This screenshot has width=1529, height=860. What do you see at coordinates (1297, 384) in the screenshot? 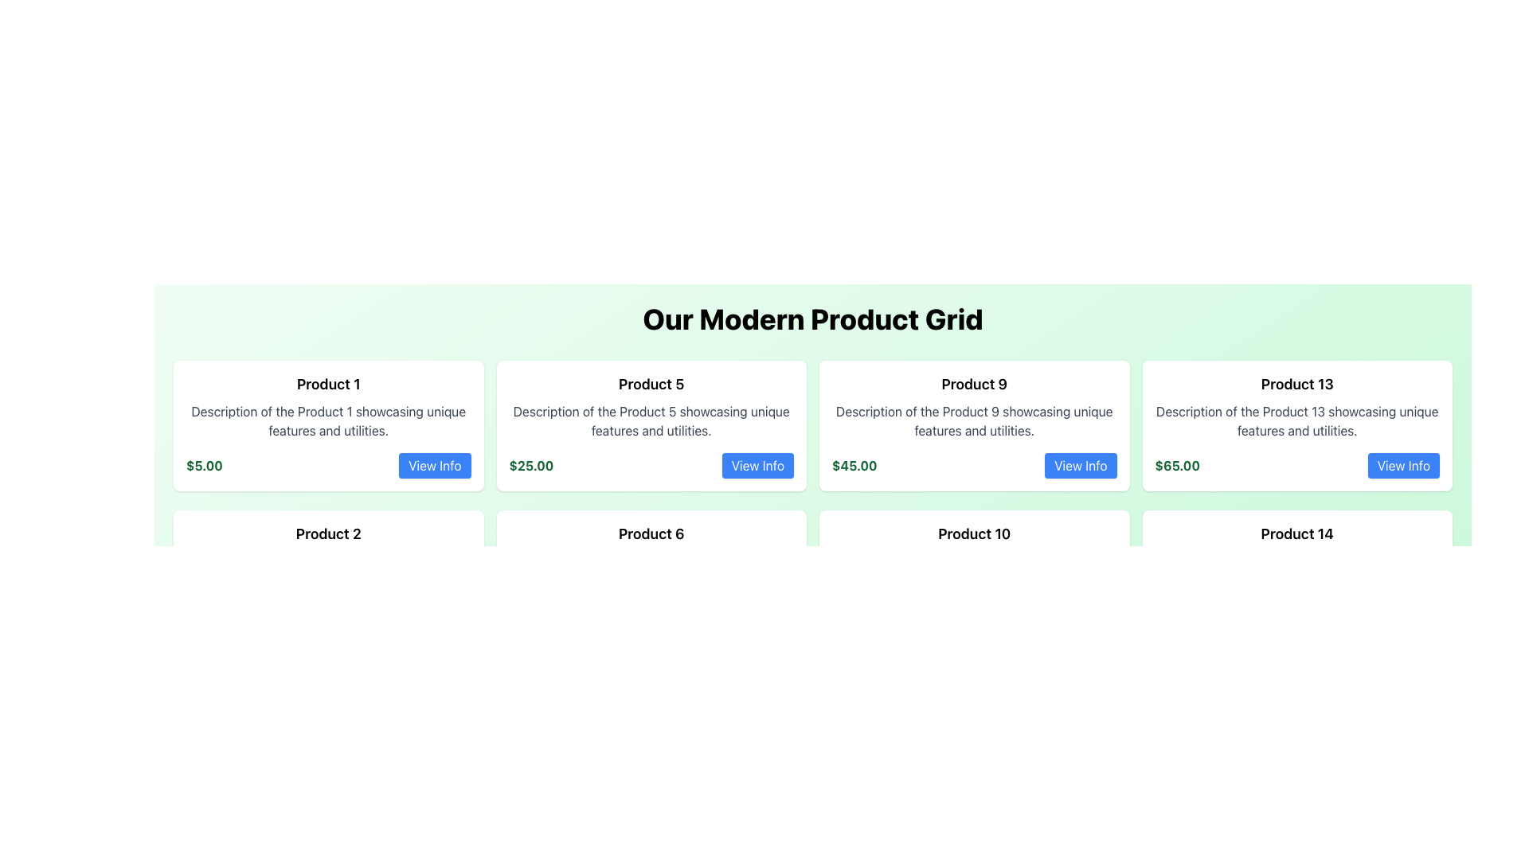
I see `the text label displaying the product title located in the top row and fourth column of the grid layout, above the product description and to the left of the price label` at bounding box center [1297, 384].